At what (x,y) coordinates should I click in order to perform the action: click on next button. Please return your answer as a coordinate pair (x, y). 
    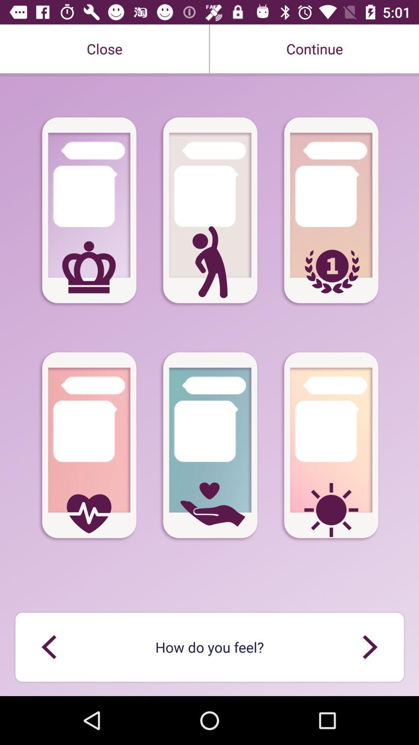
    Looking at the image, I should click on (369, 647).